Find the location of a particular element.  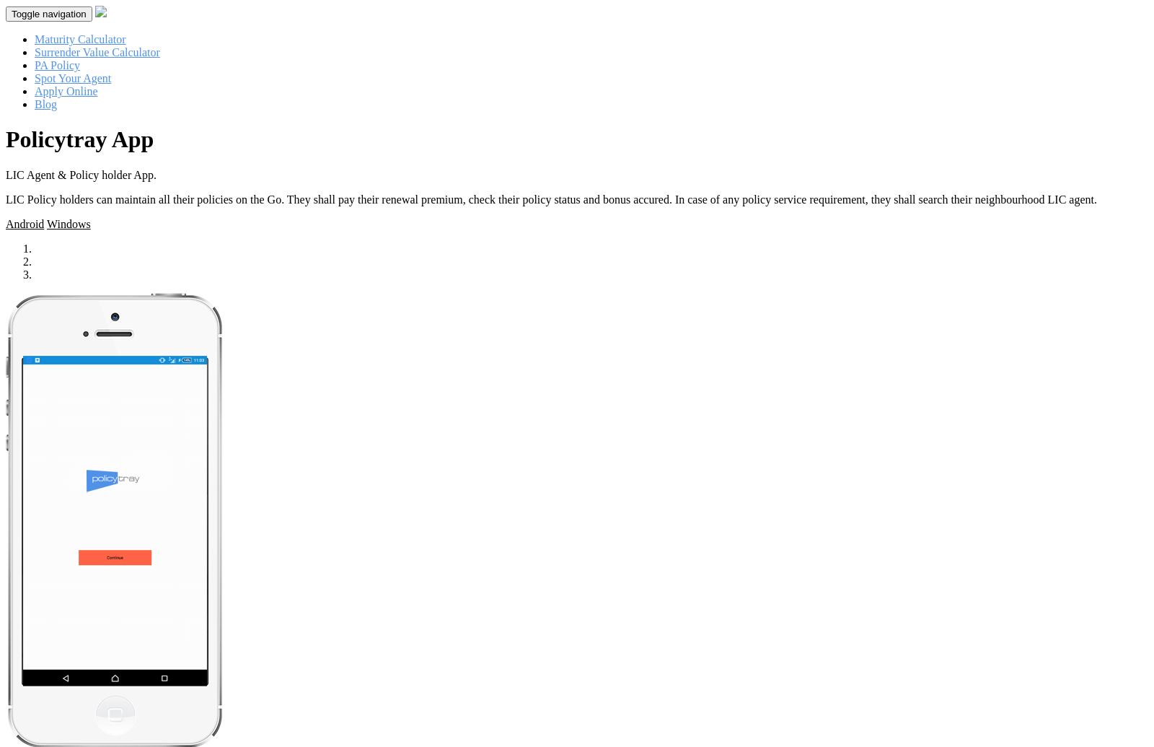

'Surrender Value Calculator' is located at coordinates (96, 52).